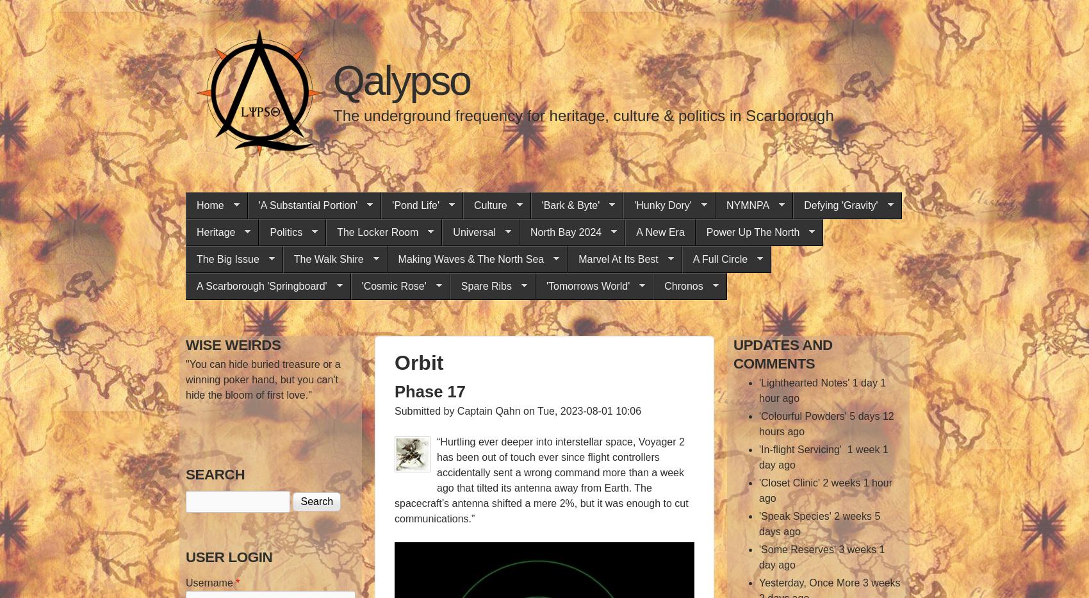  Describe the element at coordinates (840, 204) in the screenshot. I see `'Defying 'Gravity''` at that location.